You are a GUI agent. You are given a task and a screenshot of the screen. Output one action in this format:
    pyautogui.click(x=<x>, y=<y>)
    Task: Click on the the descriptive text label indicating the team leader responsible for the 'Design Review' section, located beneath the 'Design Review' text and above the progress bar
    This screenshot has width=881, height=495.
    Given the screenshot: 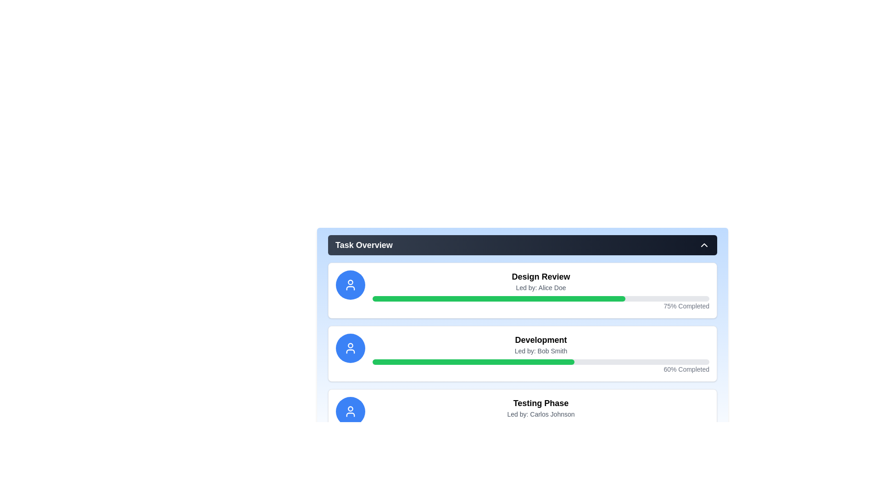 What is the action you would take?
    pyautogui.click(x=541, y=287)
    